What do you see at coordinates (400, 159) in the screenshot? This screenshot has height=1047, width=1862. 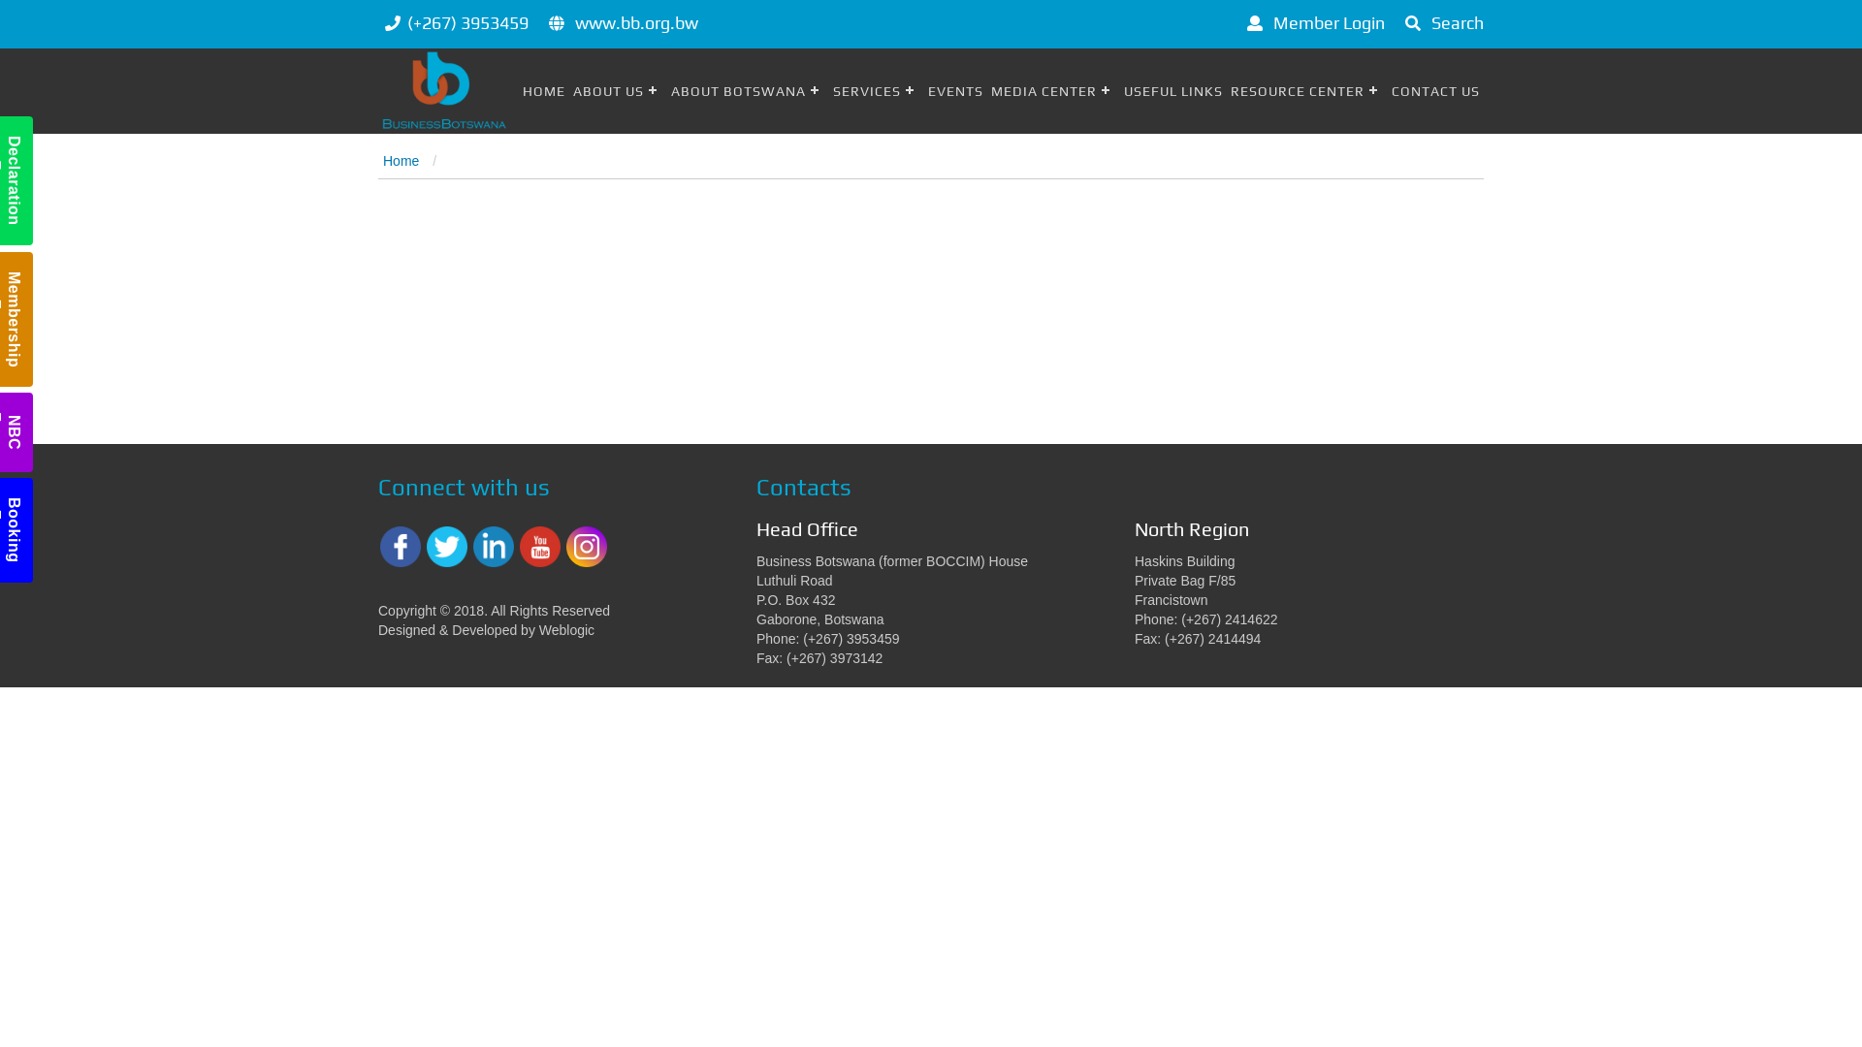 I see `'Home'` at bounding box center [400, 159].